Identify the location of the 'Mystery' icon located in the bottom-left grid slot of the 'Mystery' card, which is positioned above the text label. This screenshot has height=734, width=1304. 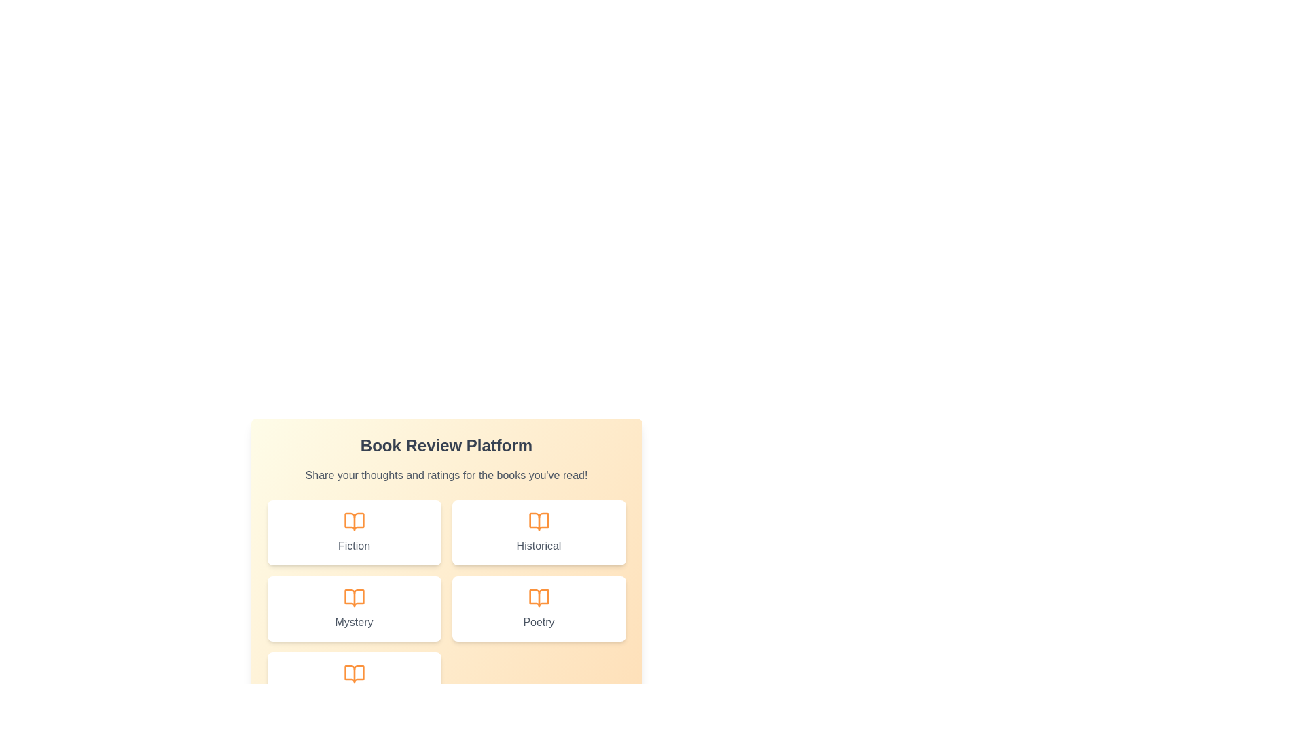
(354, 597).